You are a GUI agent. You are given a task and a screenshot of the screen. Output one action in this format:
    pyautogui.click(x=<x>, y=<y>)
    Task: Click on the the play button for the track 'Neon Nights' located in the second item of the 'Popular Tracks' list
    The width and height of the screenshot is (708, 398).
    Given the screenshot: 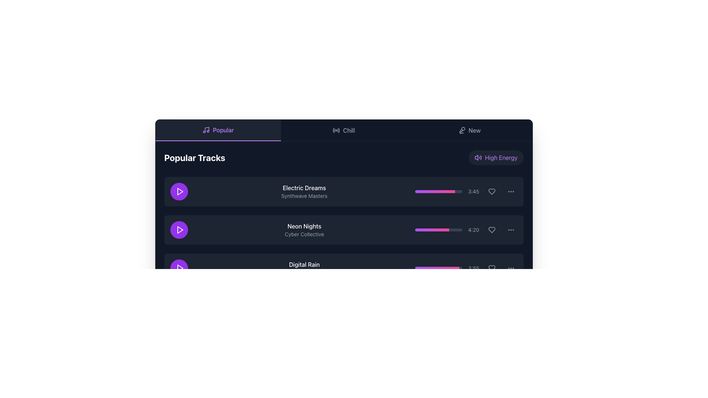 What is the action you would take?
    pyautogui.click(x=180, y=230)
    